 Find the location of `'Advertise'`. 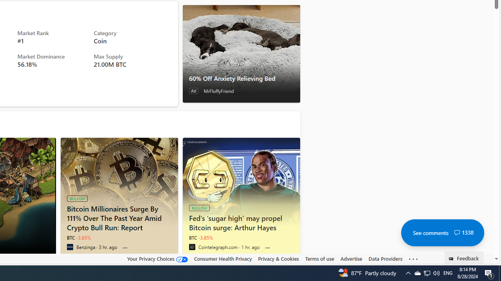

'Advertise' is located at coordinates (351, 258).